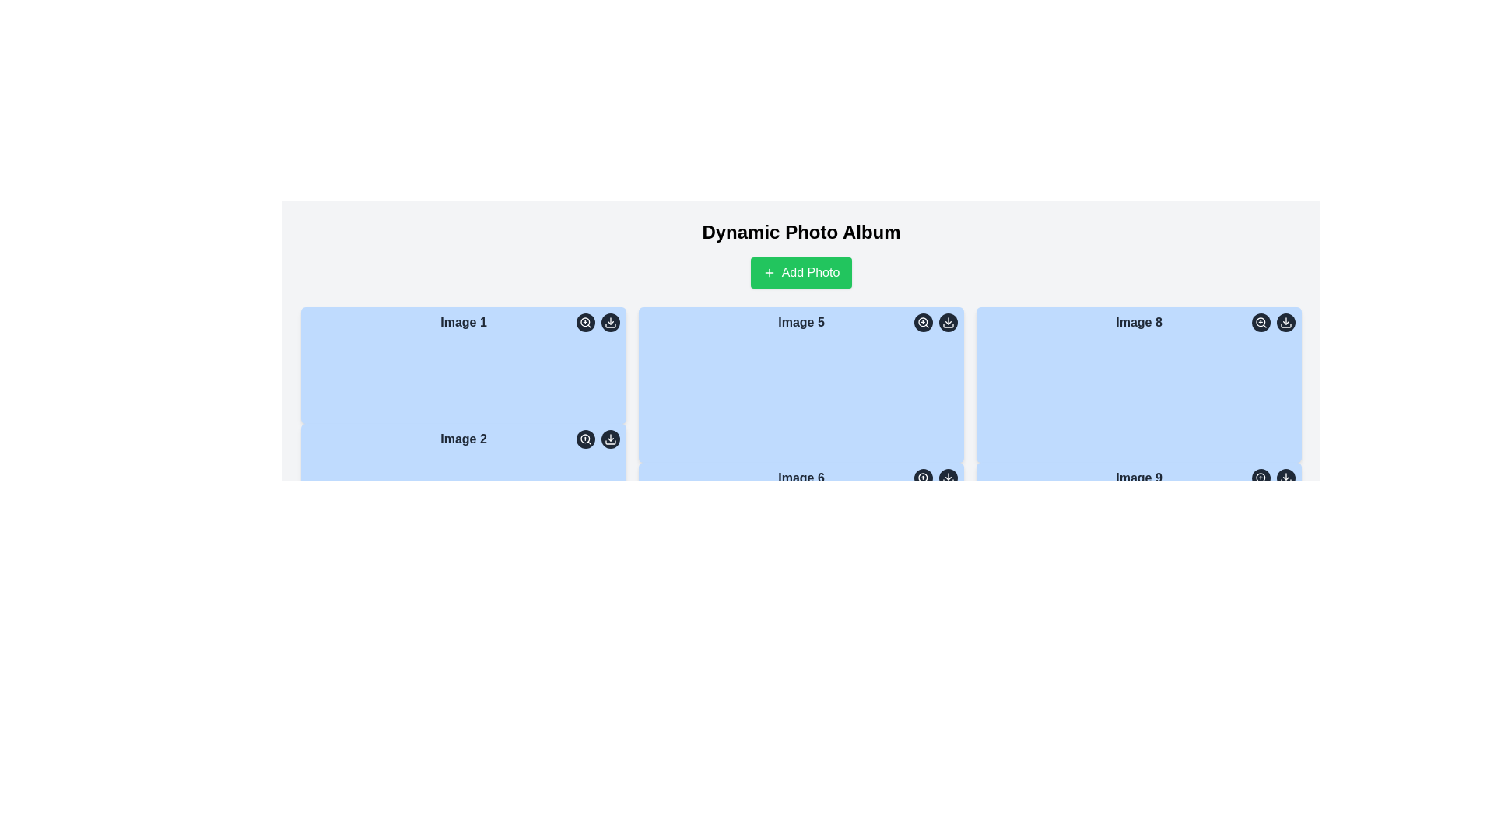 Image resolution: width=1494 pixels, height=840 pixels. Describe the element at coordinates (585, 322) in the screenshot. I see `the circular button with a dark gray background and a white magnifying glass icon located in the top-right corner of the Image 1 card in the photo gallery` at that location.